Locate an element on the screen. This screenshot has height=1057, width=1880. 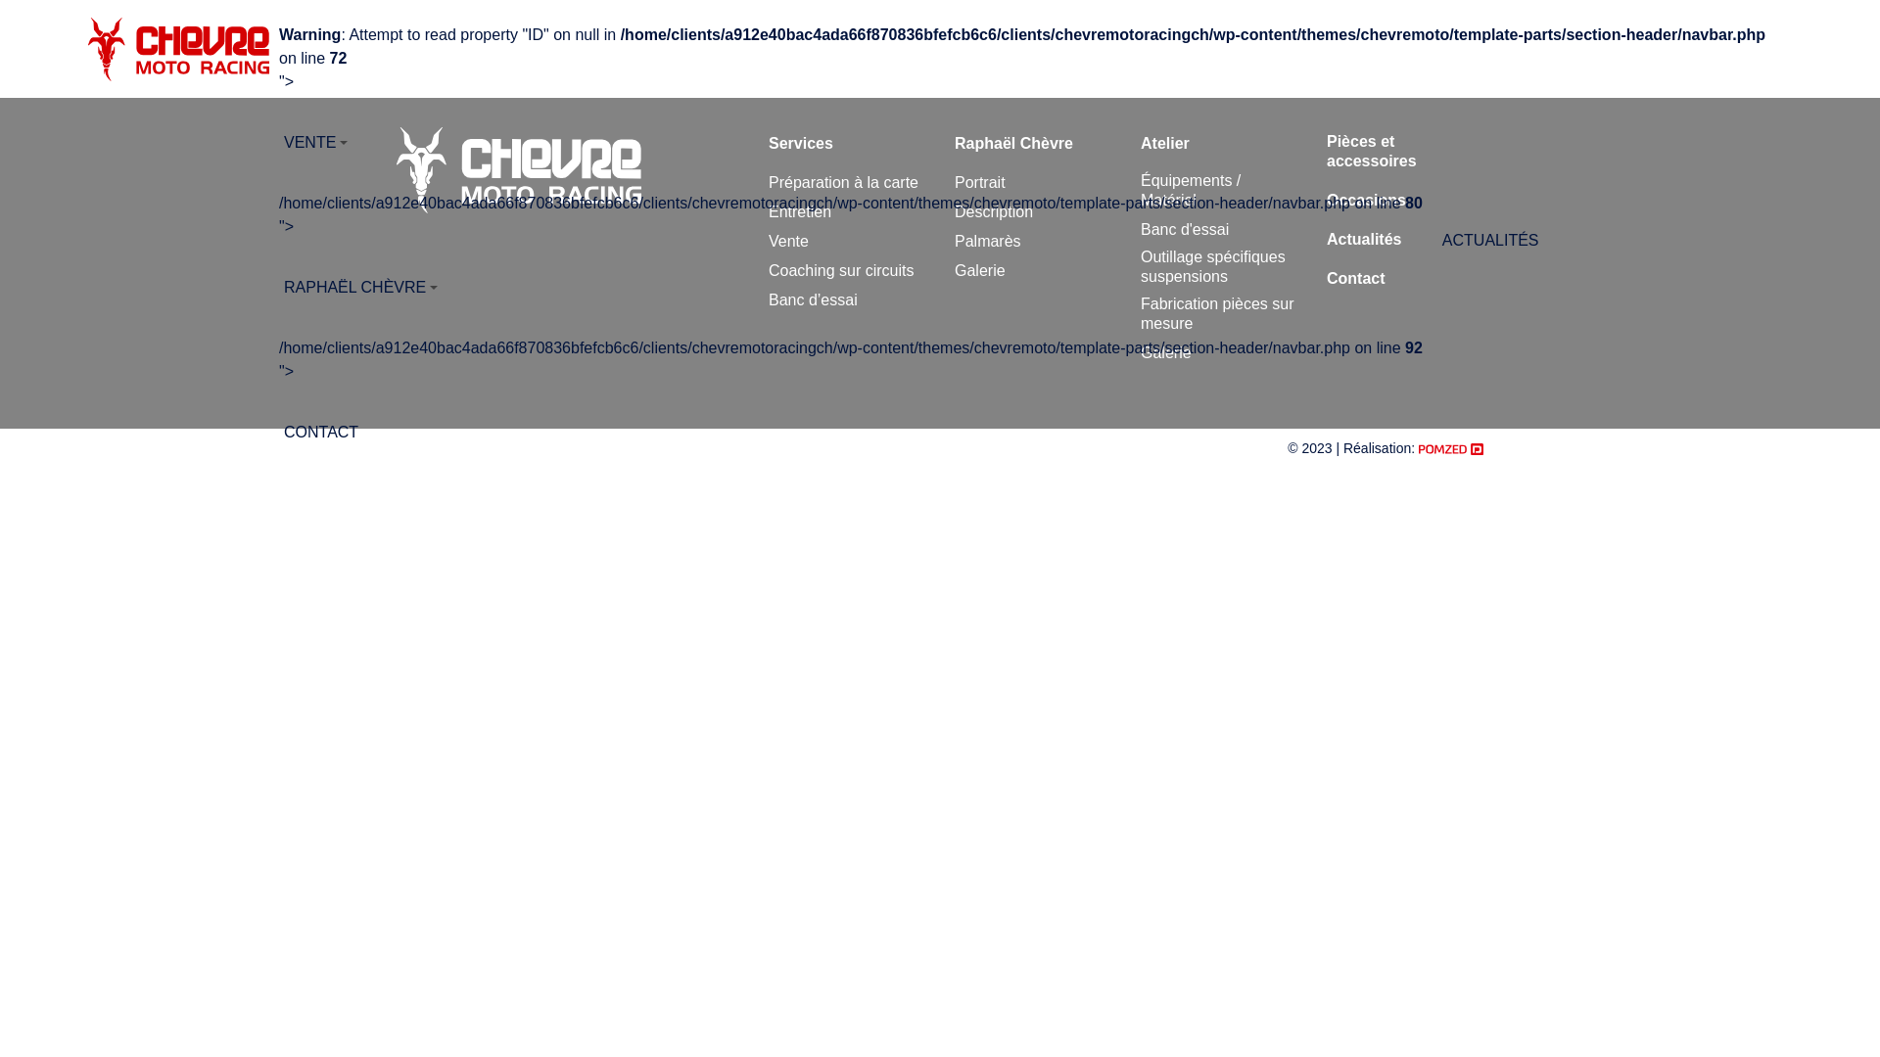
'VENTE' is located at coordinates (277, 142).